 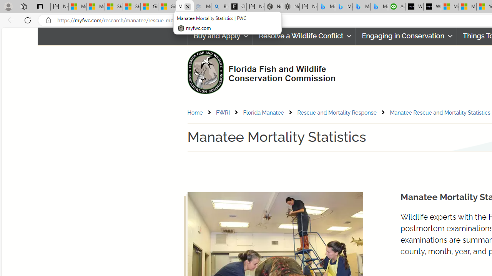 I want to click on 'Workspaces', so click(x=23, y=6).